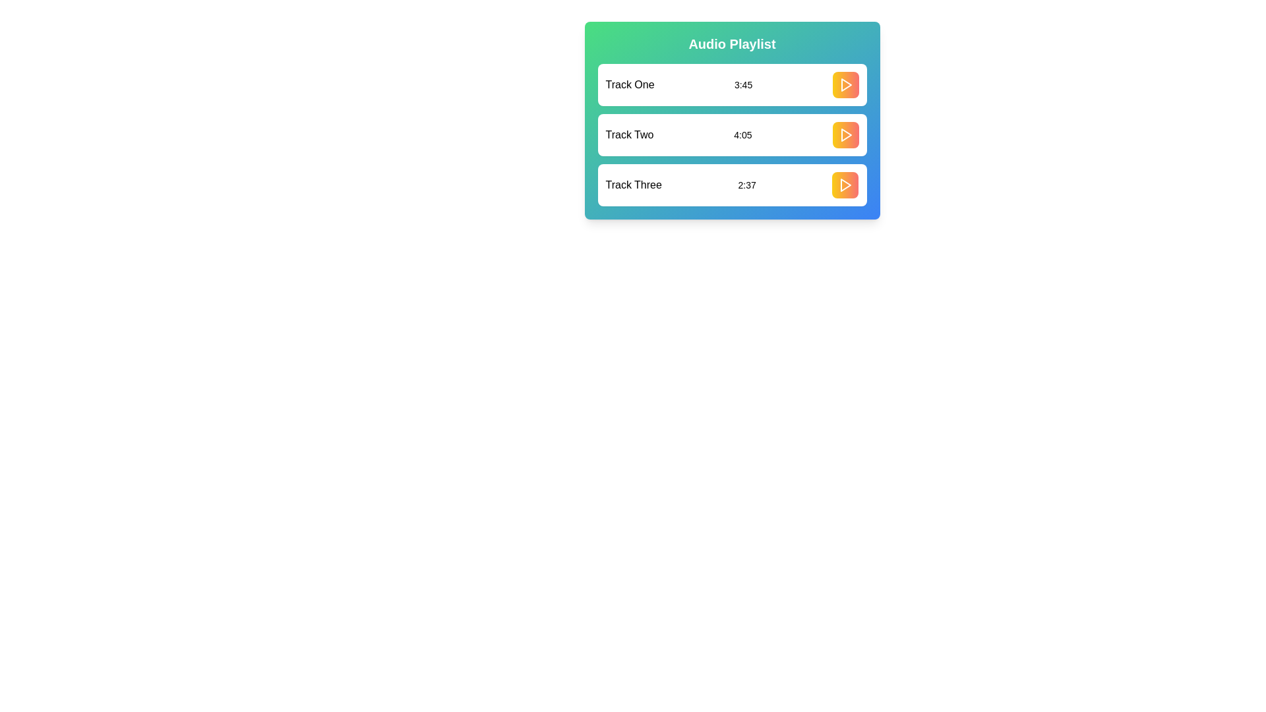 The height and width of the screenshot is (712, 1266). What do you see at coordinates (743, 84) in the screenshot?
I see `the static text displaying the duration of 'Track One' in the audio playlist, located between the track title and play button` at bounding box center [743, 84].